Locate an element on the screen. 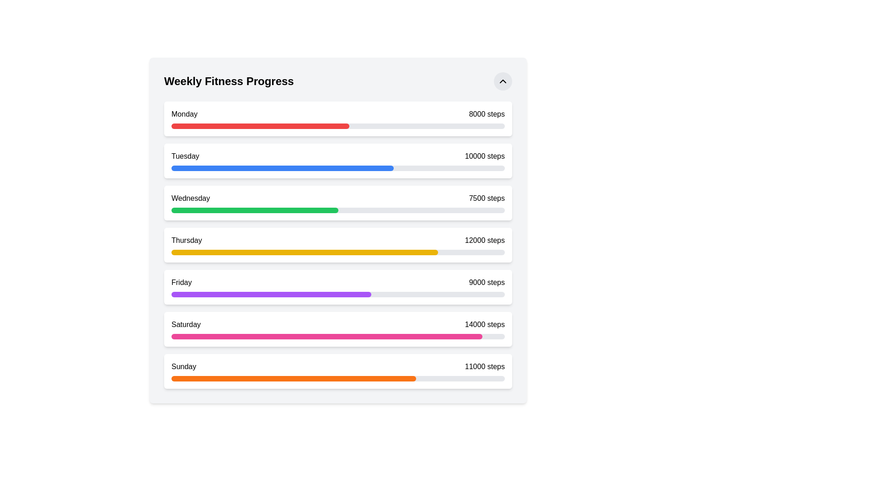  the button in the top-right corner of the 'Weekly Fitness Progress' section is located at coordinates (502, 81).